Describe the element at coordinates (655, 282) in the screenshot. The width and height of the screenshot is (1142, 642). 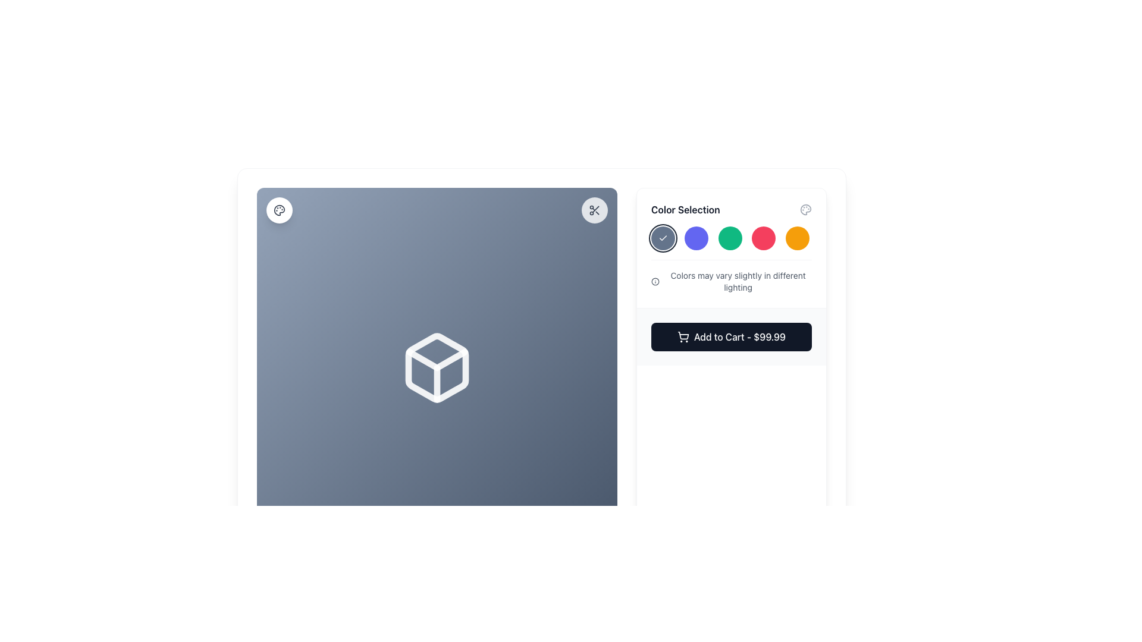
I see `the small circular information icon with an 'i' symbol, located to the left of the text 'Colors may vary slightly in different lighting' in the sidebar` at that location.